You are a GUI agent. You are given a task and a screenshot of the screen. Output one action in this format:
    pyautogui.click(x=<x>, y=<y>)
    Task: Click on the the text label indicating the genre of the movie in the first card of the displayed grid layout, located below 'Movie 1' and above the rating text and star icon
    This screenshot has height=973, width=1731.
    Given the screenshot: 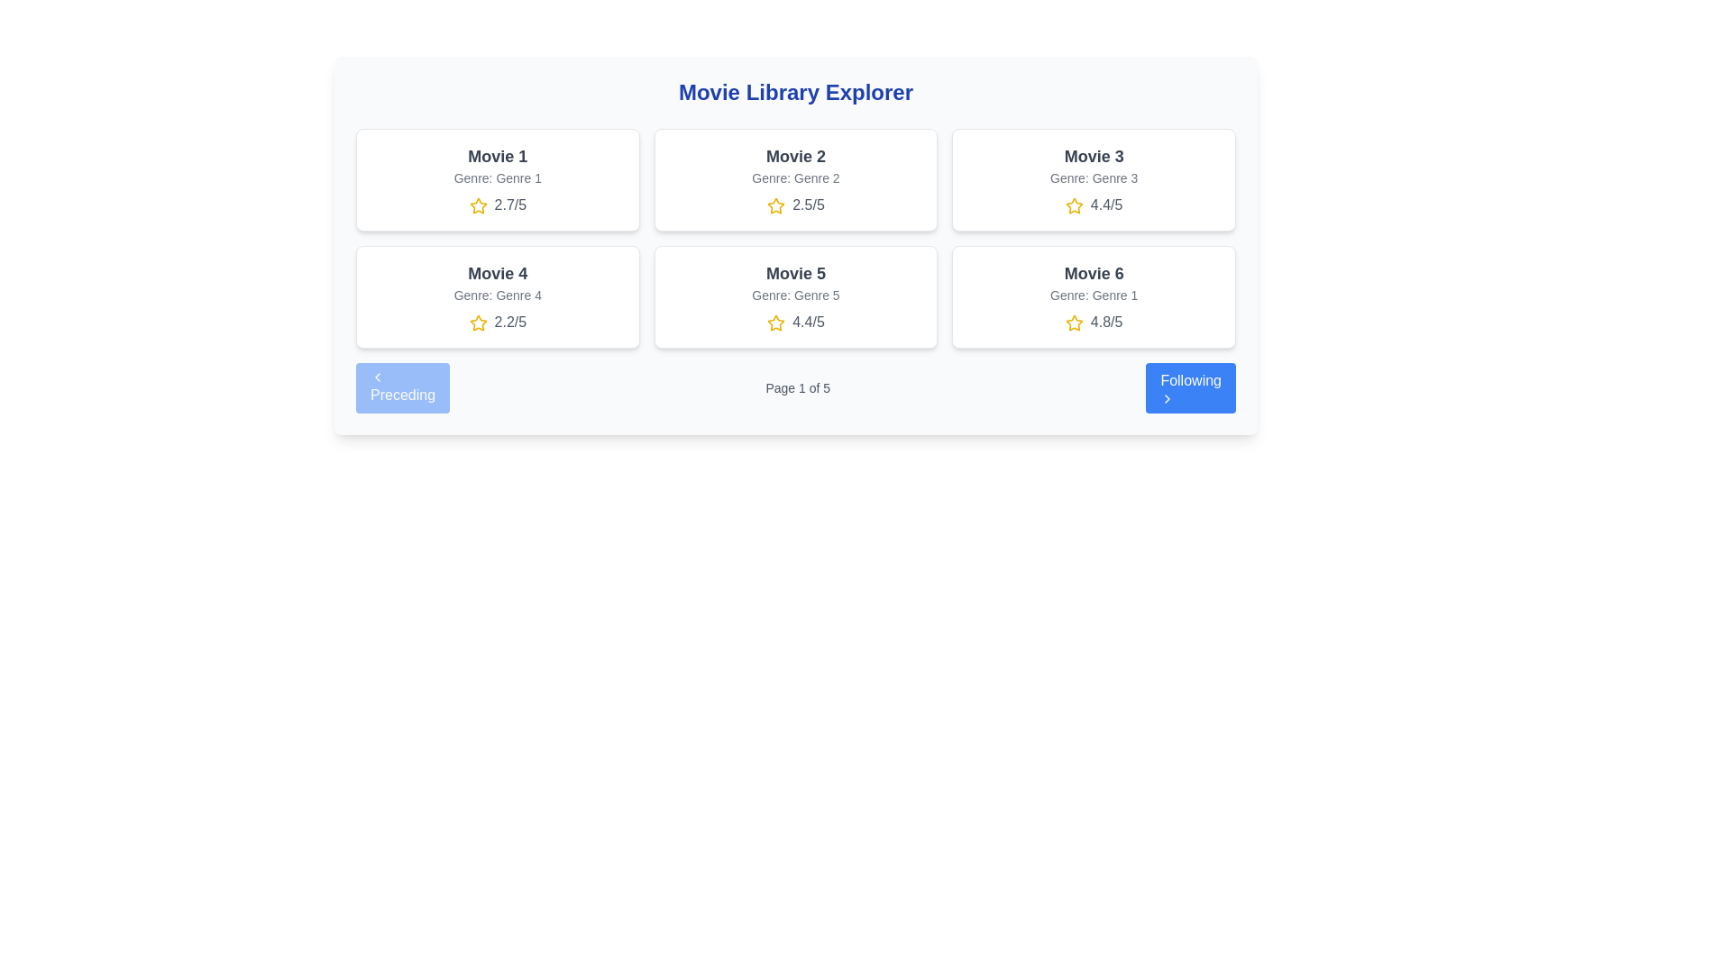 What is the action you would take?
    pyautogui.click(x=498, y=177)
    